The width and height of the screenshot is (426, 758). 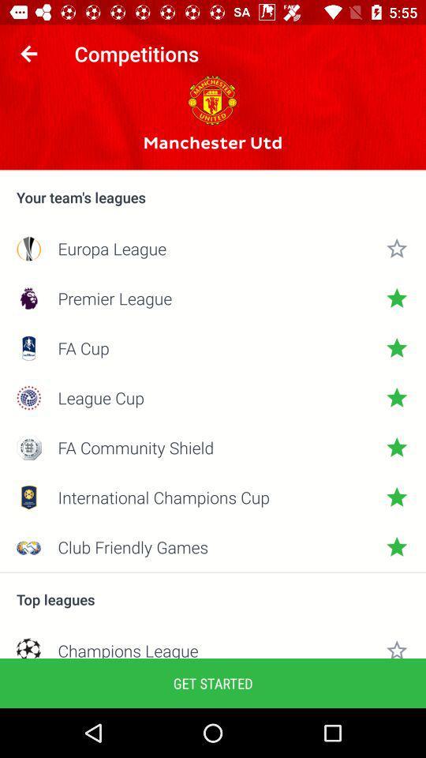 I want to click on the icon above the premier league icon, so click(x=213, y=248).